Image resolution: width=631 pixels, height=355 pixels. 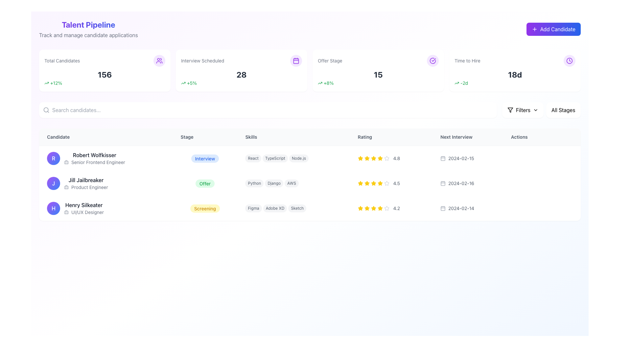 What do you see at coordinates (366, 208) in the screenshot?
I see `the third yellow star icon in the rating column for the candidate named 'Henry Silkeater' within the five-star rating system` at bounding box center [366, 208].